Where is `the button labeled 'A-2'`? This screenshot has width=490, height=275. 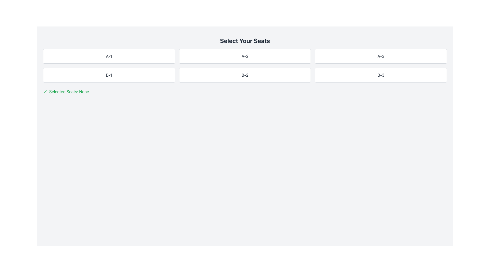
the button labeled 'A-2' is located at coordinates (245, 56).